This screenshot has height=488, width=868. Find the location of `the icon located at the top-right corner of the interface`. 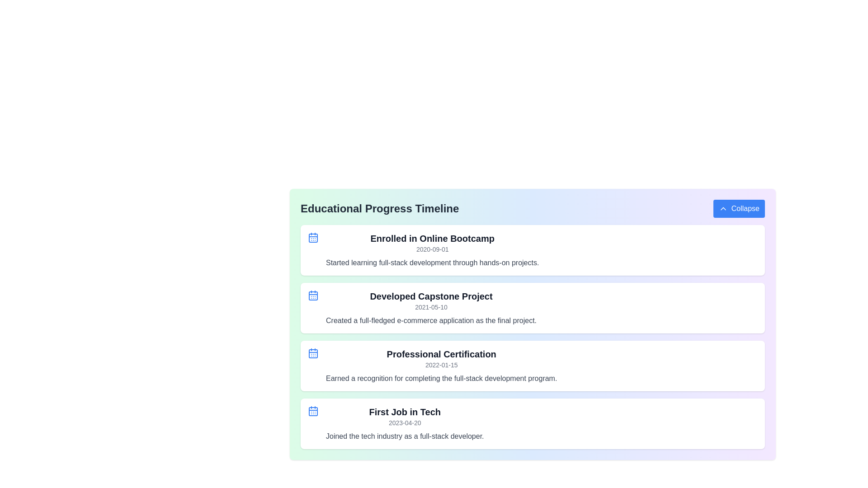

the icon located at the top-right corner of the interface is located at coordinates (722, 209).